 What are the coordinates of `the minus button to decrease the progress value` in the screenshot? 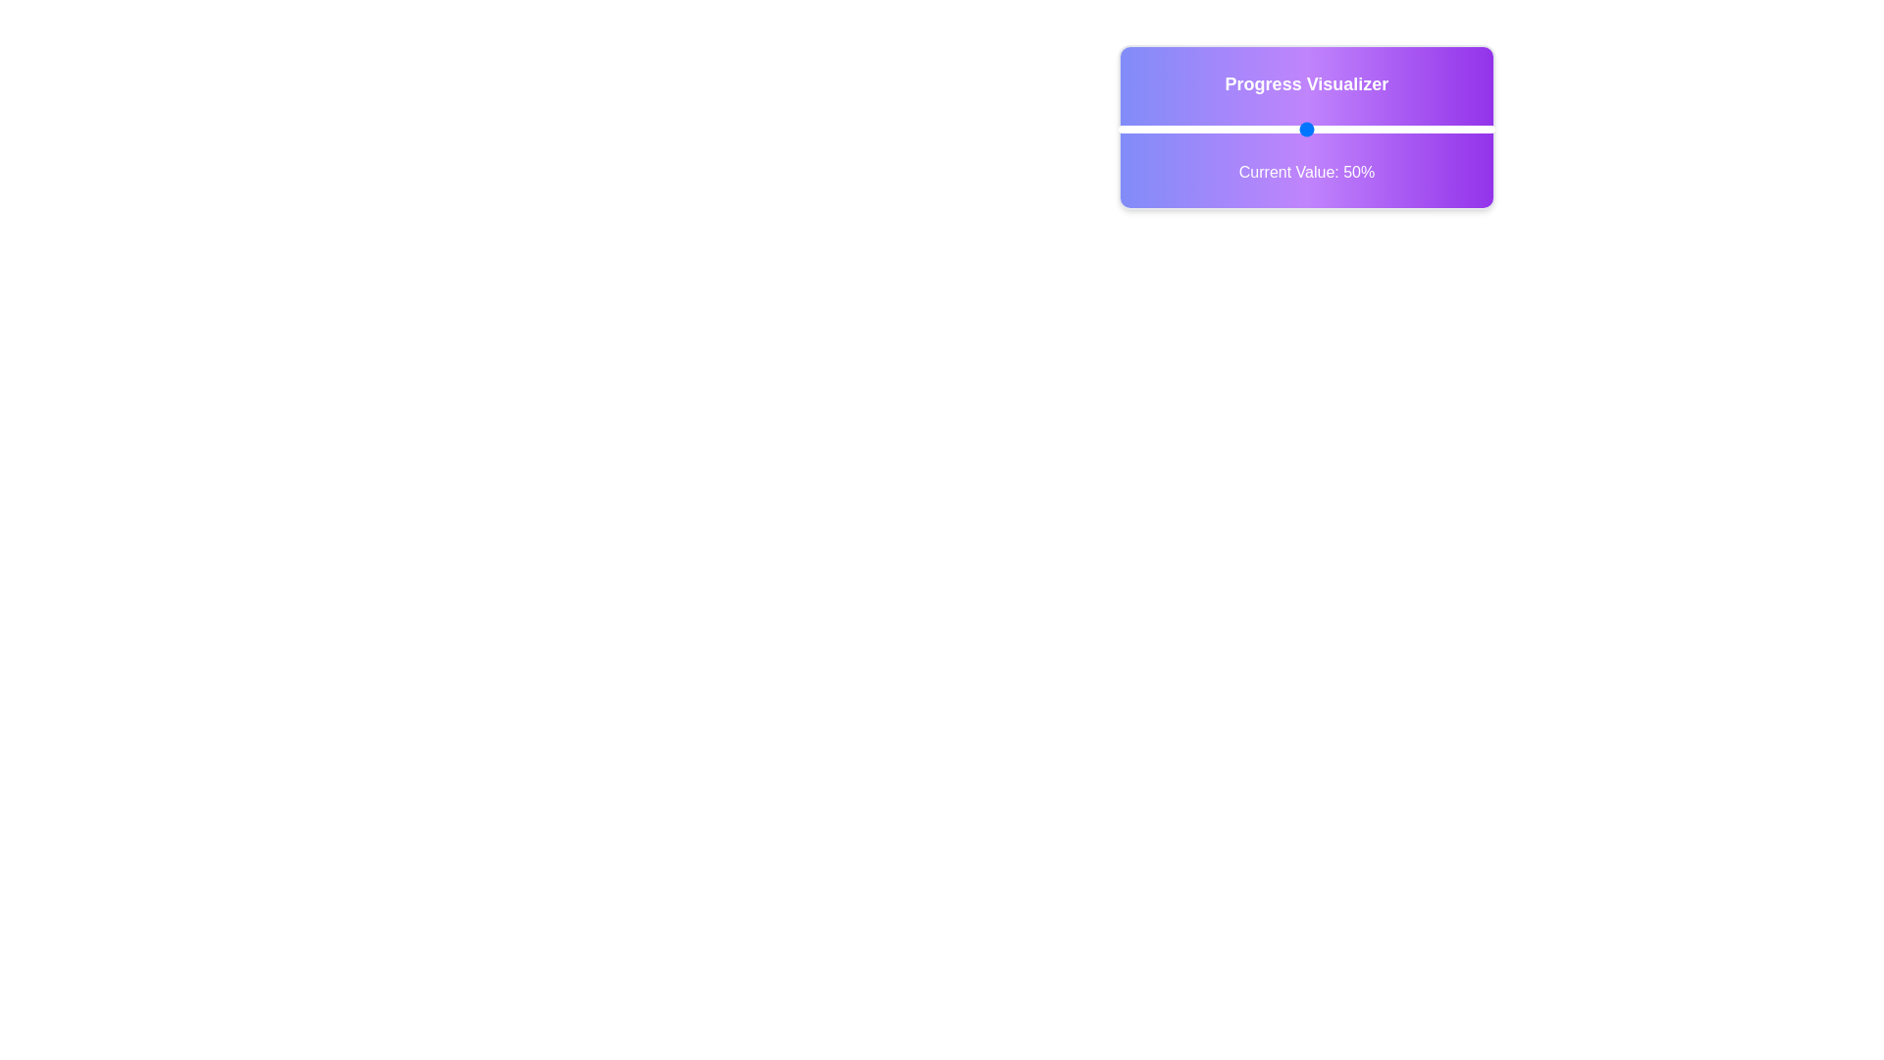 It's located at (1086, 129).